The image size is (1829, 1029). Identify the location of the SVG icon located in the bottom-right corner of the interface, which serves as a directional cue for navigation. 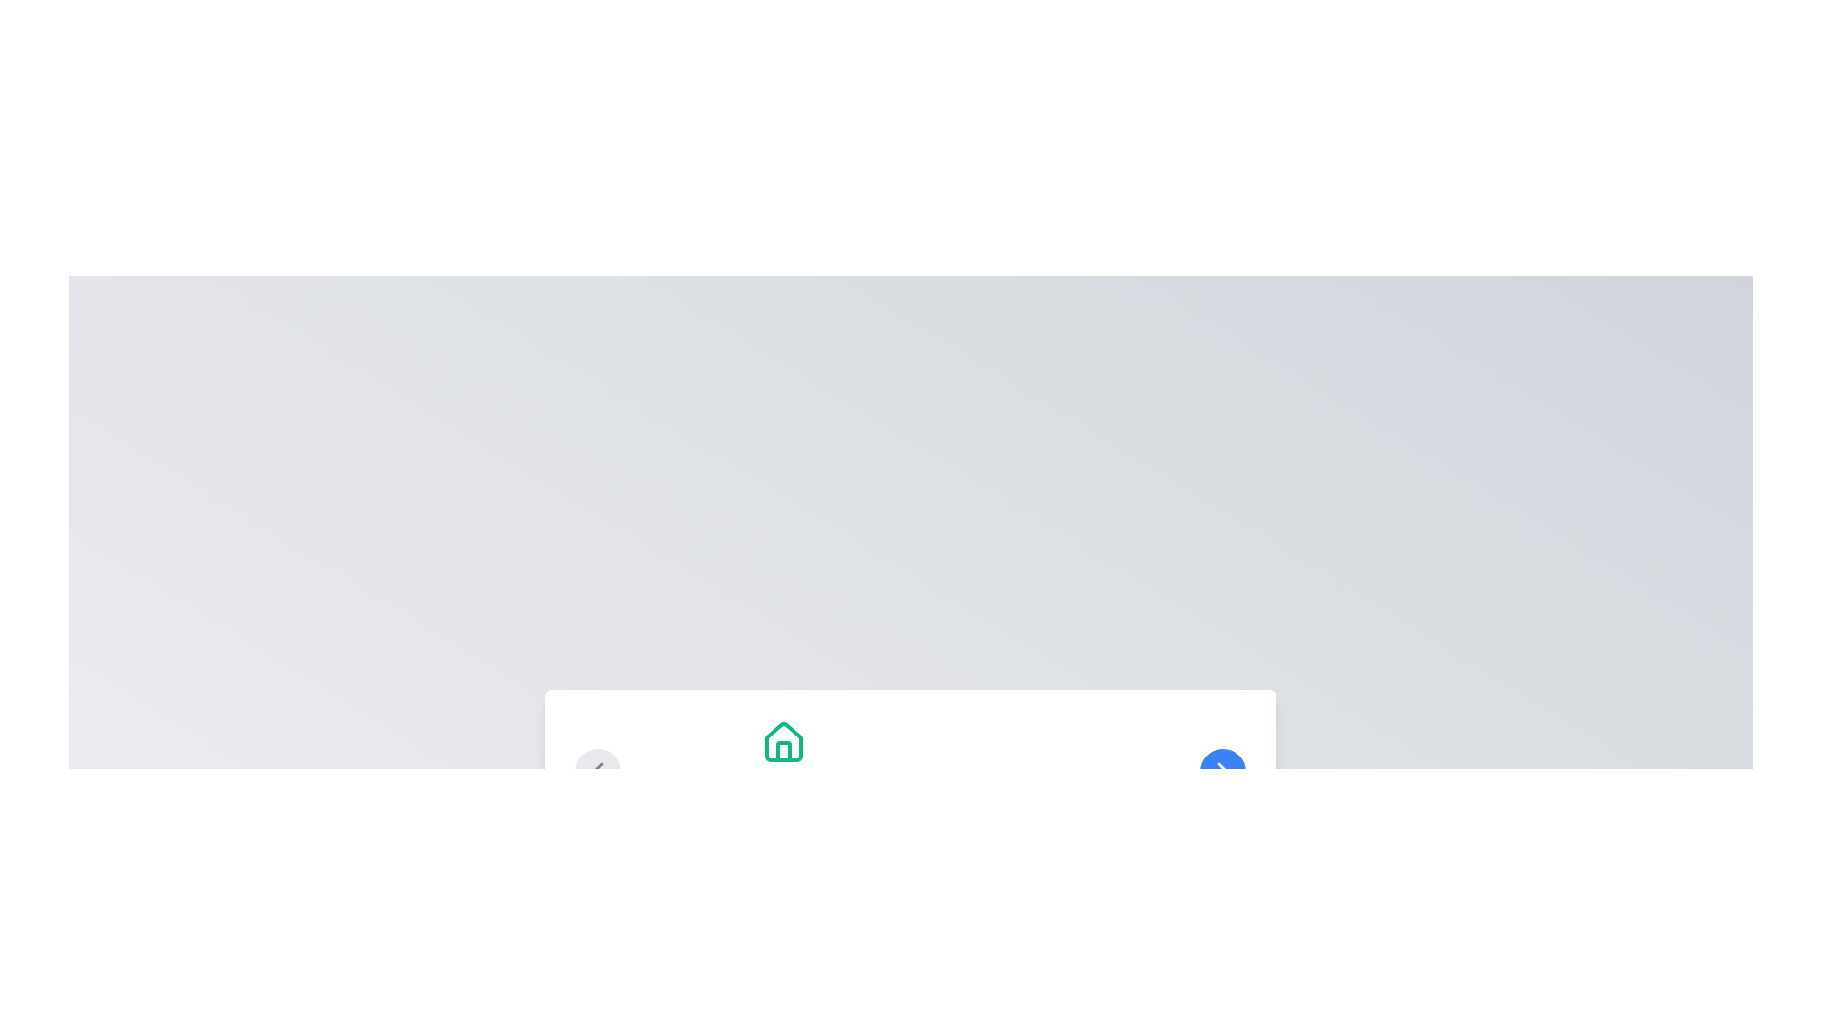
(1222, 772).